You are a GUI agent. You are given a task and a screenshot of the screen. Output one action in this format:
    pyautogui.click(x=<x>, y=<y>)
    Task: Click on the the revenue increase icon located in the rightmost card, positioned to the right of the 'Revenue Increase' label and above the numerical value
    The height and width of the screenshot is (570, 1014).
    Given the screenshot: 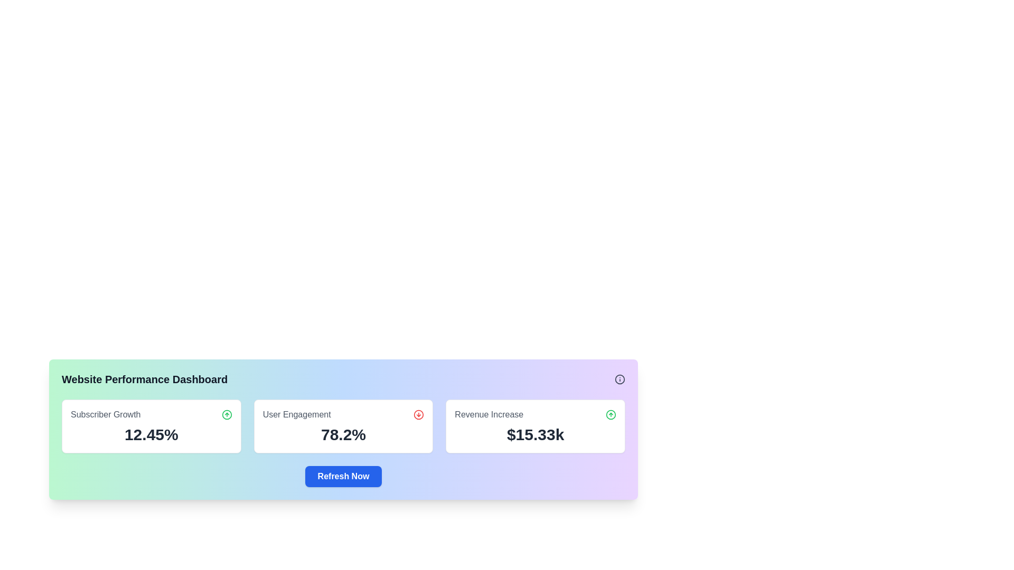 What is the action you would take?
    pyautogui.click(x=611, y=414)
    